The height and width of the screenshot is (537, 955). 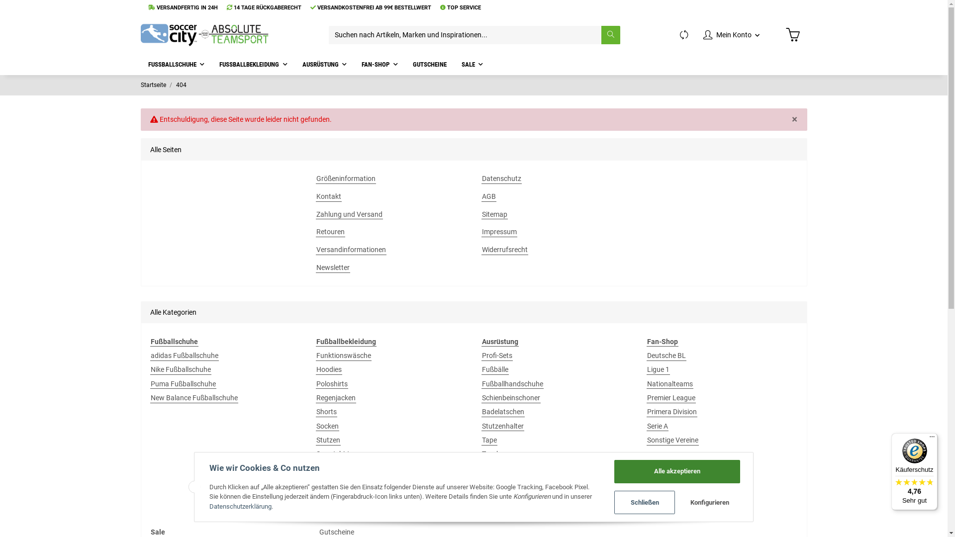 I want to click on 'Startseite', so click(x=152, y=84).